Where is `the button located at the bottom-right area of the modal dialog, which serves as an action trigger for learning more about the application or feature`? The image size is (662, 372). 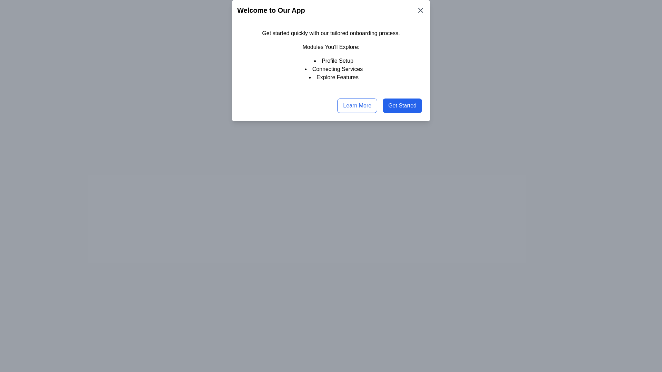 the button located at the bottom-right area of the modal dialog, which serves as an action trigger for learning more about the application or feature is located at coordinates (357, 106).